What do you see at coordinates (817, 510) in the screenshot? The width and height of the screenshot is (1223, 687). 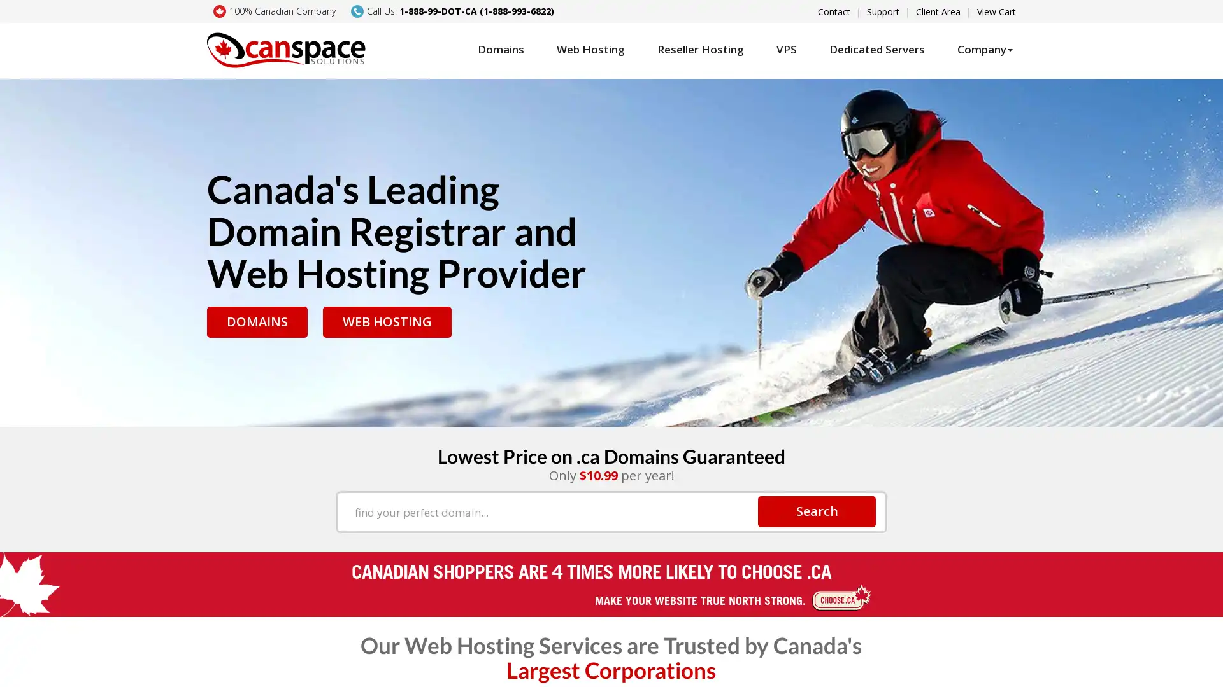 I see `Search` at bounding box center [817, 510].